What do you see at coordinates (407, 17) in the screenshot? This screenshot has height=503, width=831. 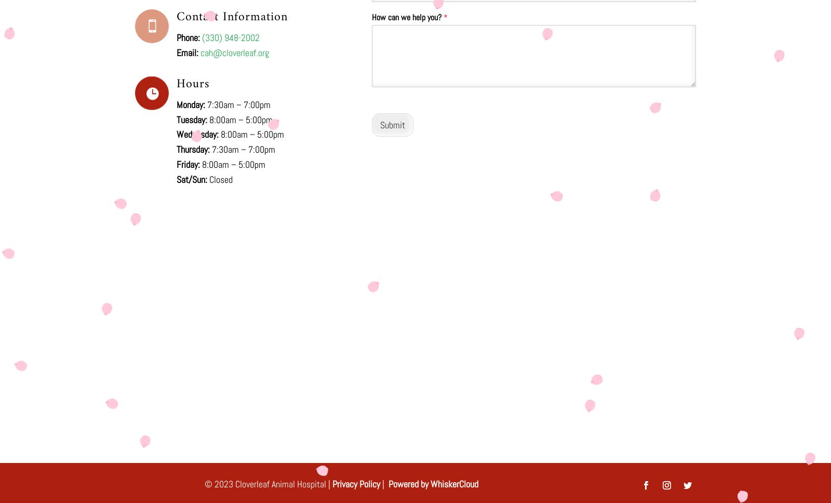 I see `'How can we help you?'` at bounding box center [407, 17].